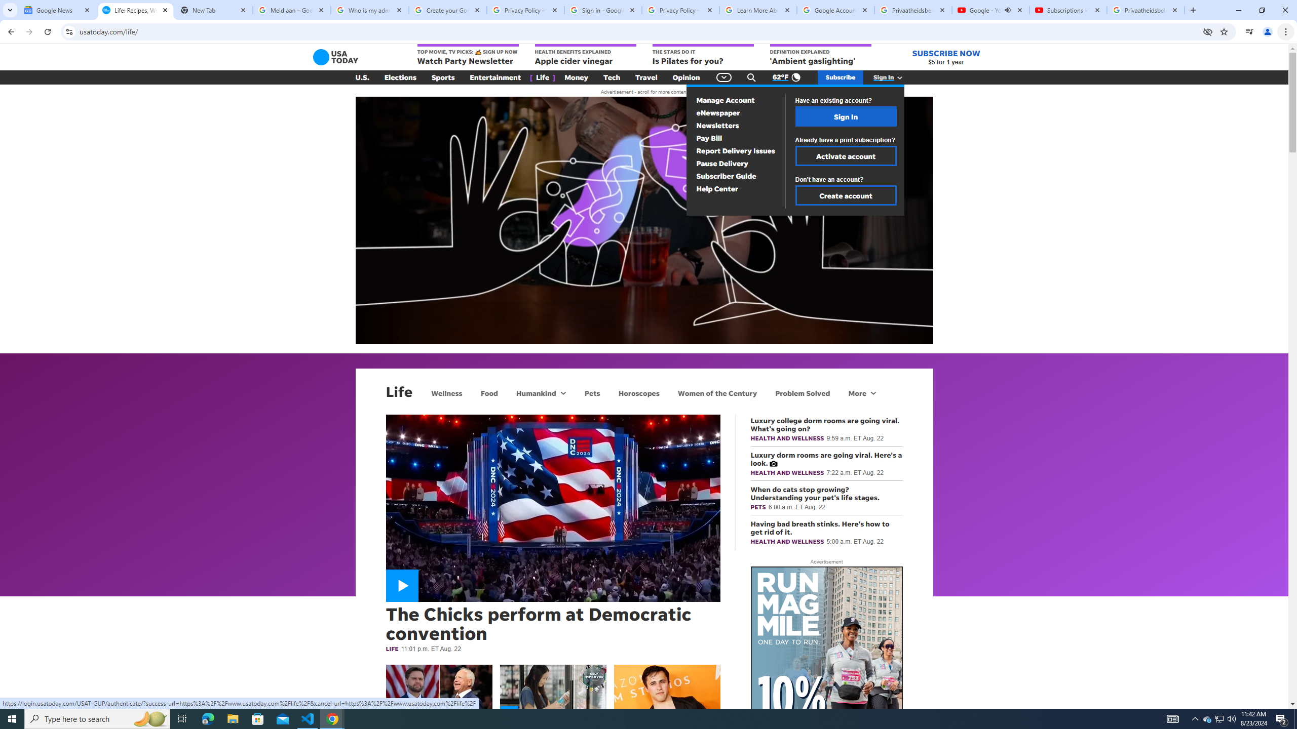 This screenshot has height=729, width=1297. I want to click on 'Subscribe', so click(840, 77).